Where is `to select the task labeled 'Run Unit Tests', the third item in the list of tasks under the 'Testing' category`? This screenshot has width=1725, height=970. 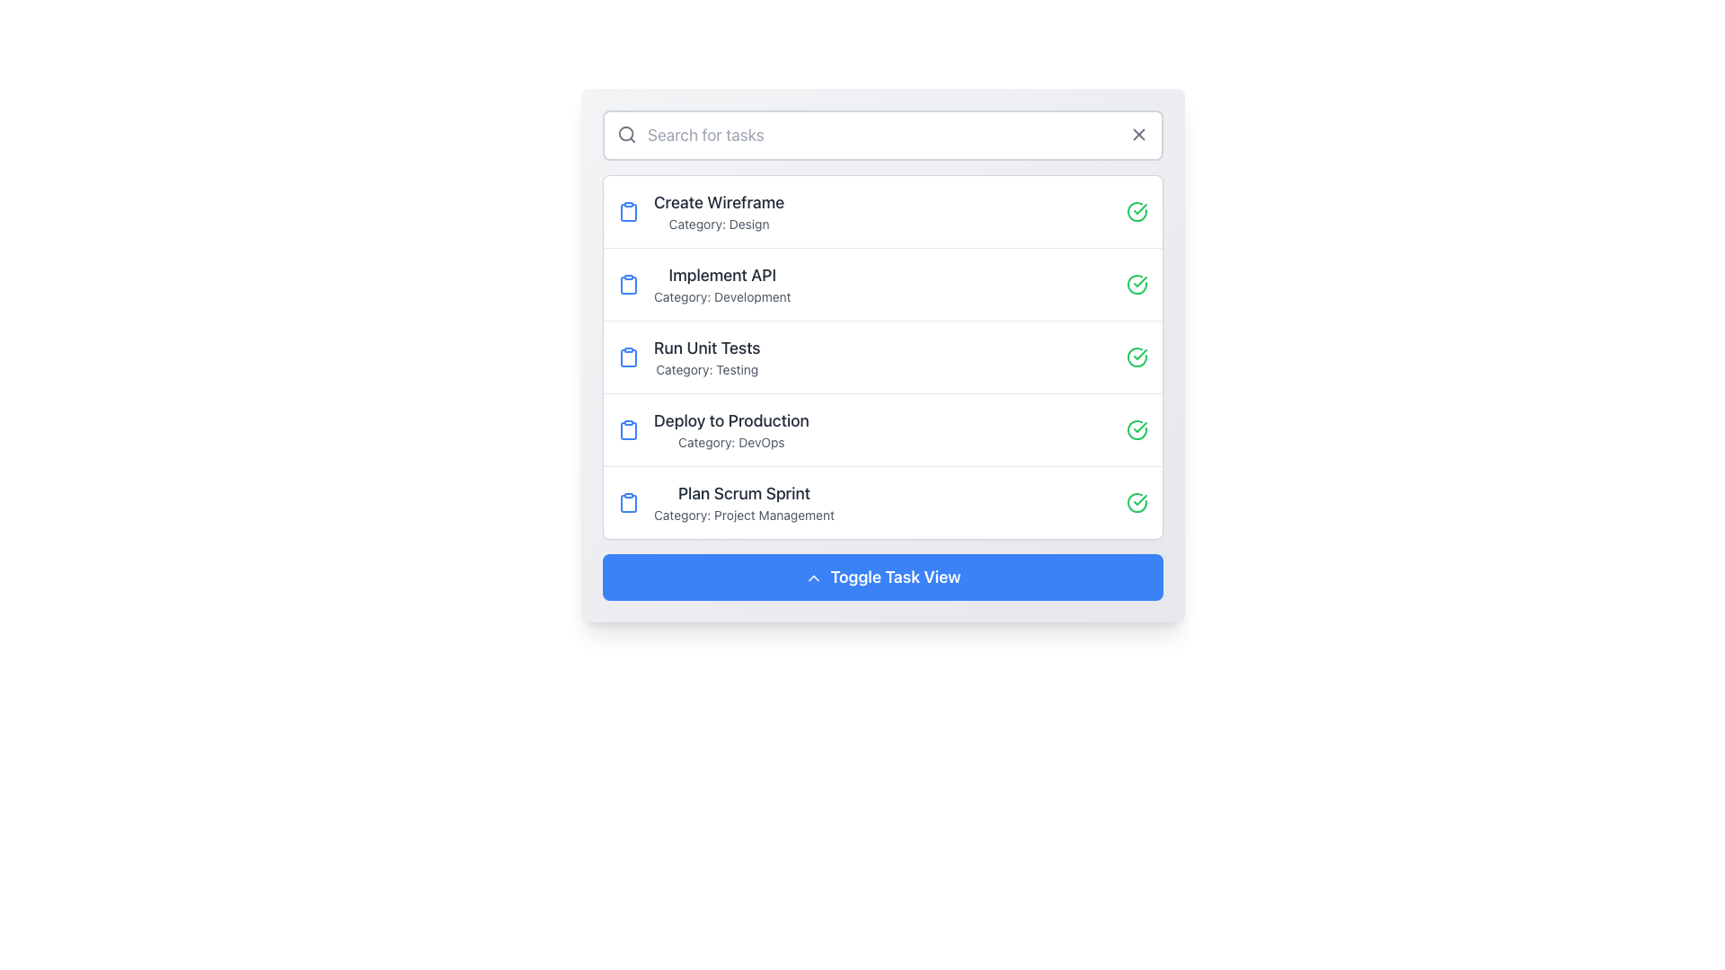 to select the task labeled 'Run Unit Tests', the third item in the list of tasks under the 'Testing' category is located at coordinates (883, 357).